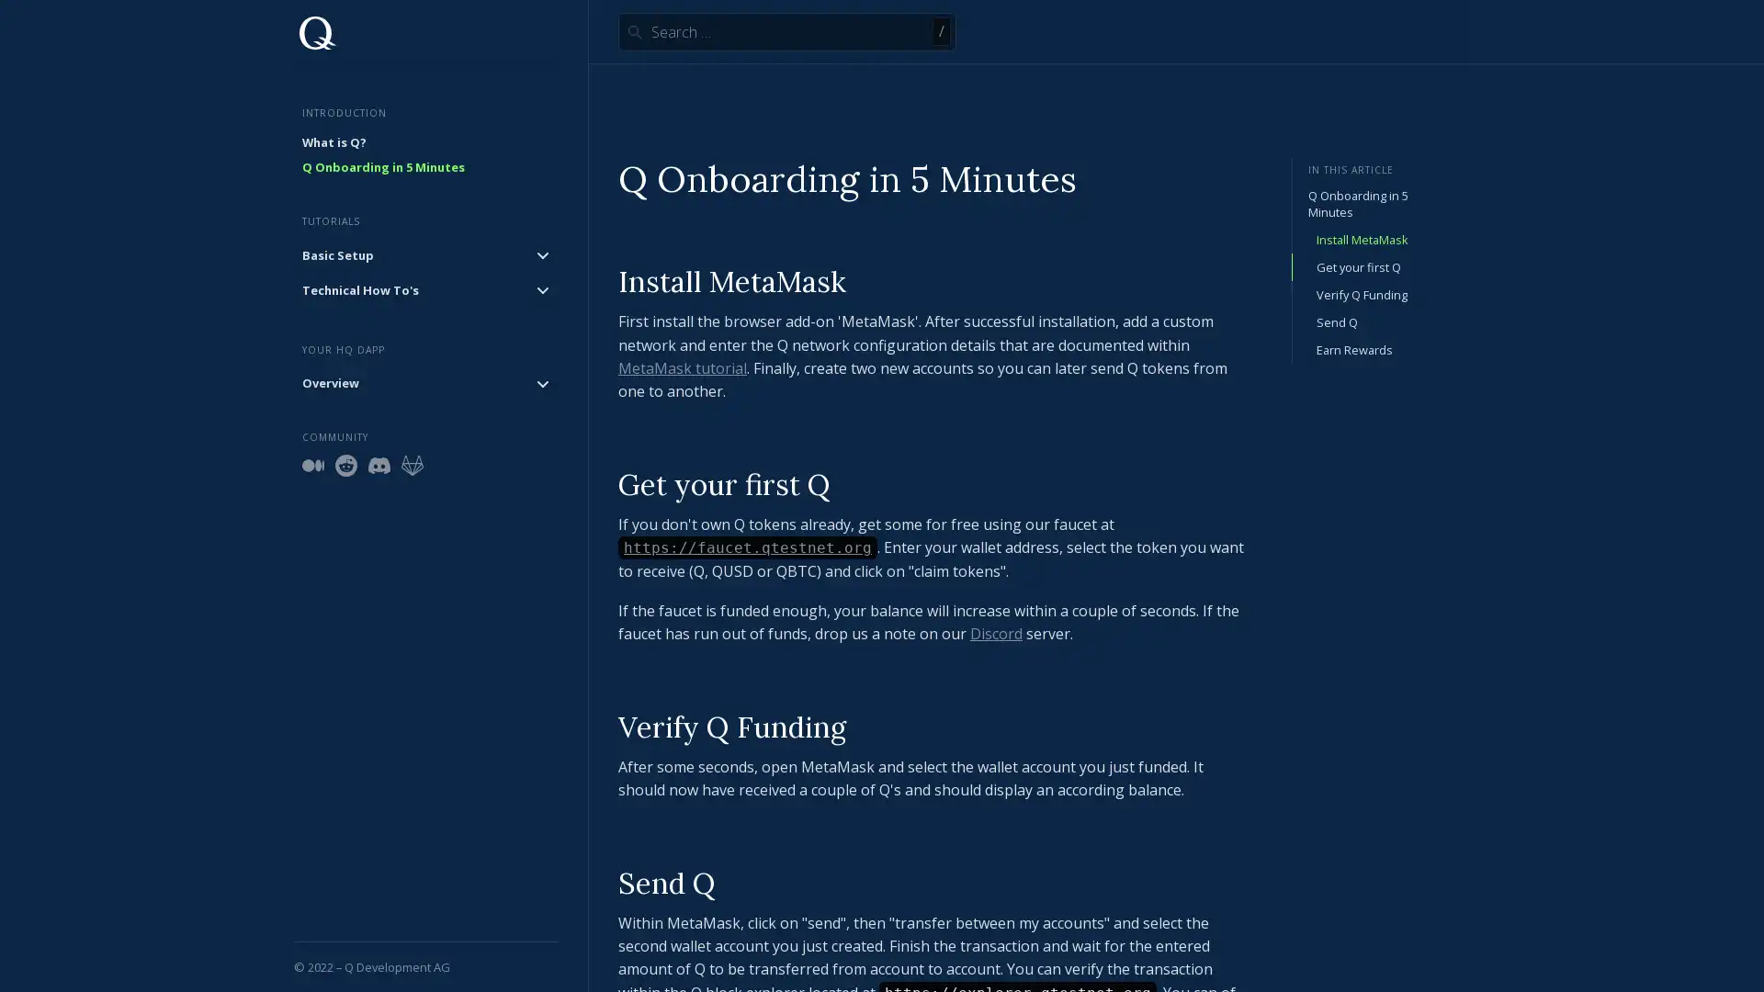 The height and width of the screenshot is (992, 1764). What do you see at coordinates (634, 31) in the screenshot?
I see `Submit` at bounding box center [634, 31].